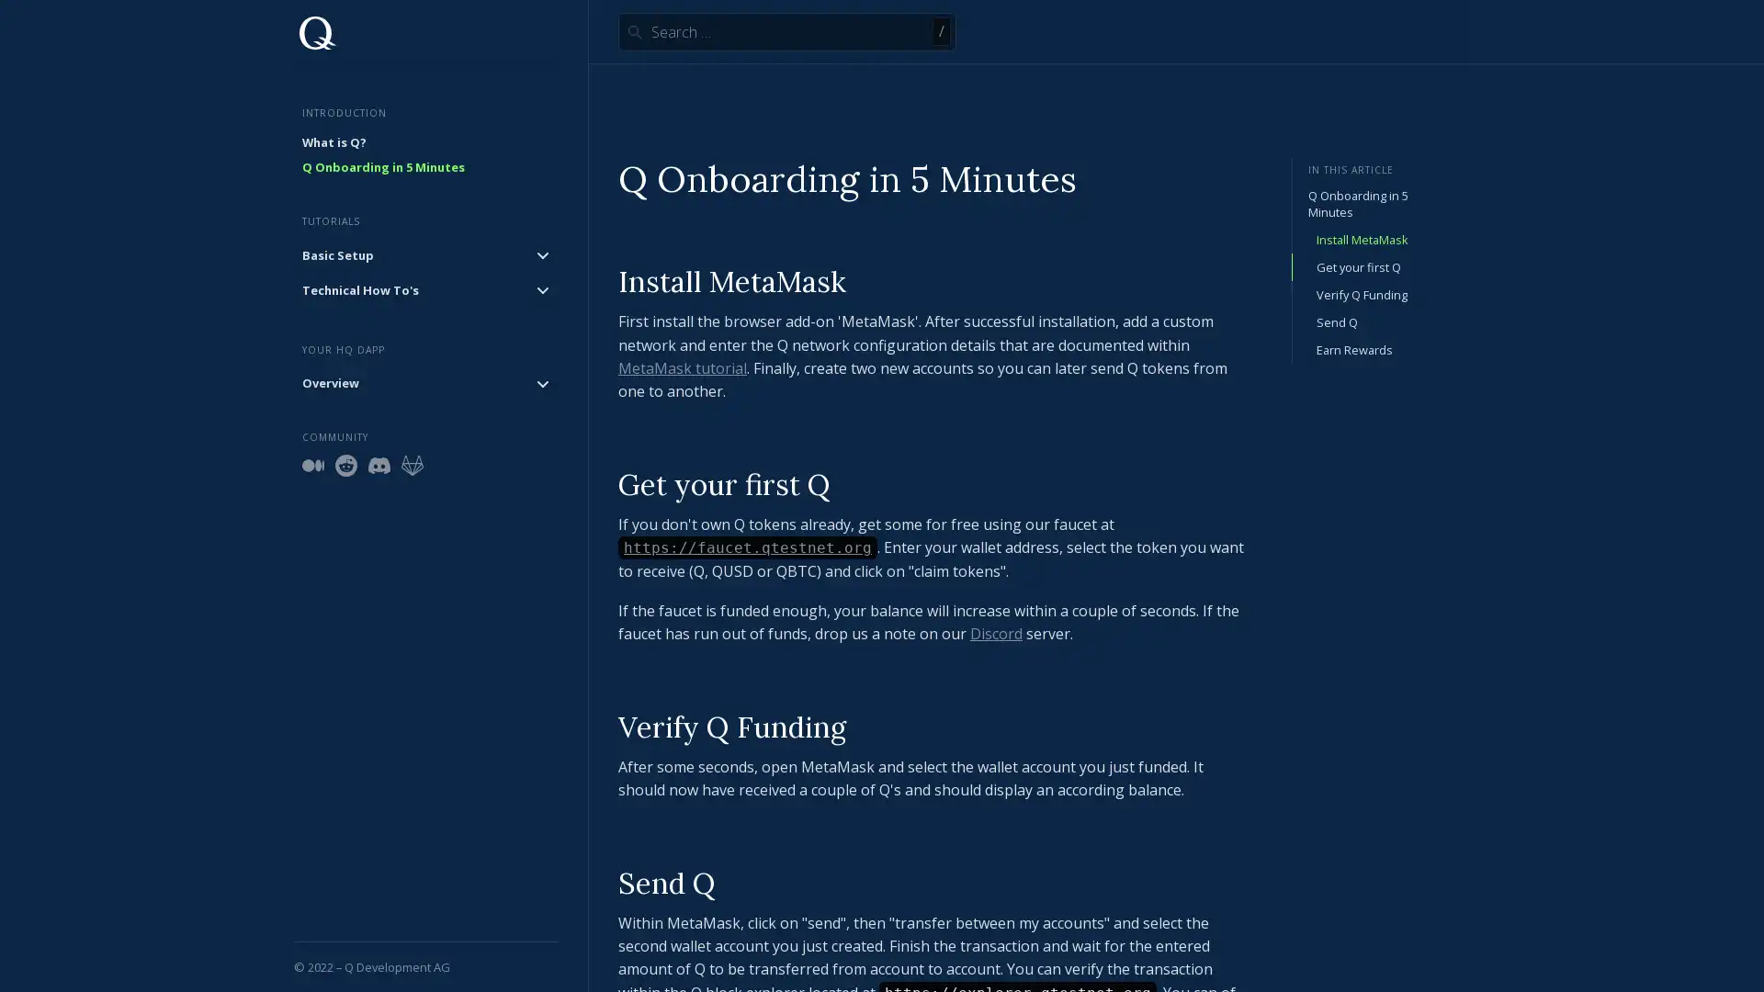 The height and width of the screenshot is (992, 1764). What do you see at coordinates (634, 31) in the screenshot?
I see `Submit` at bounding box center [634, 31].